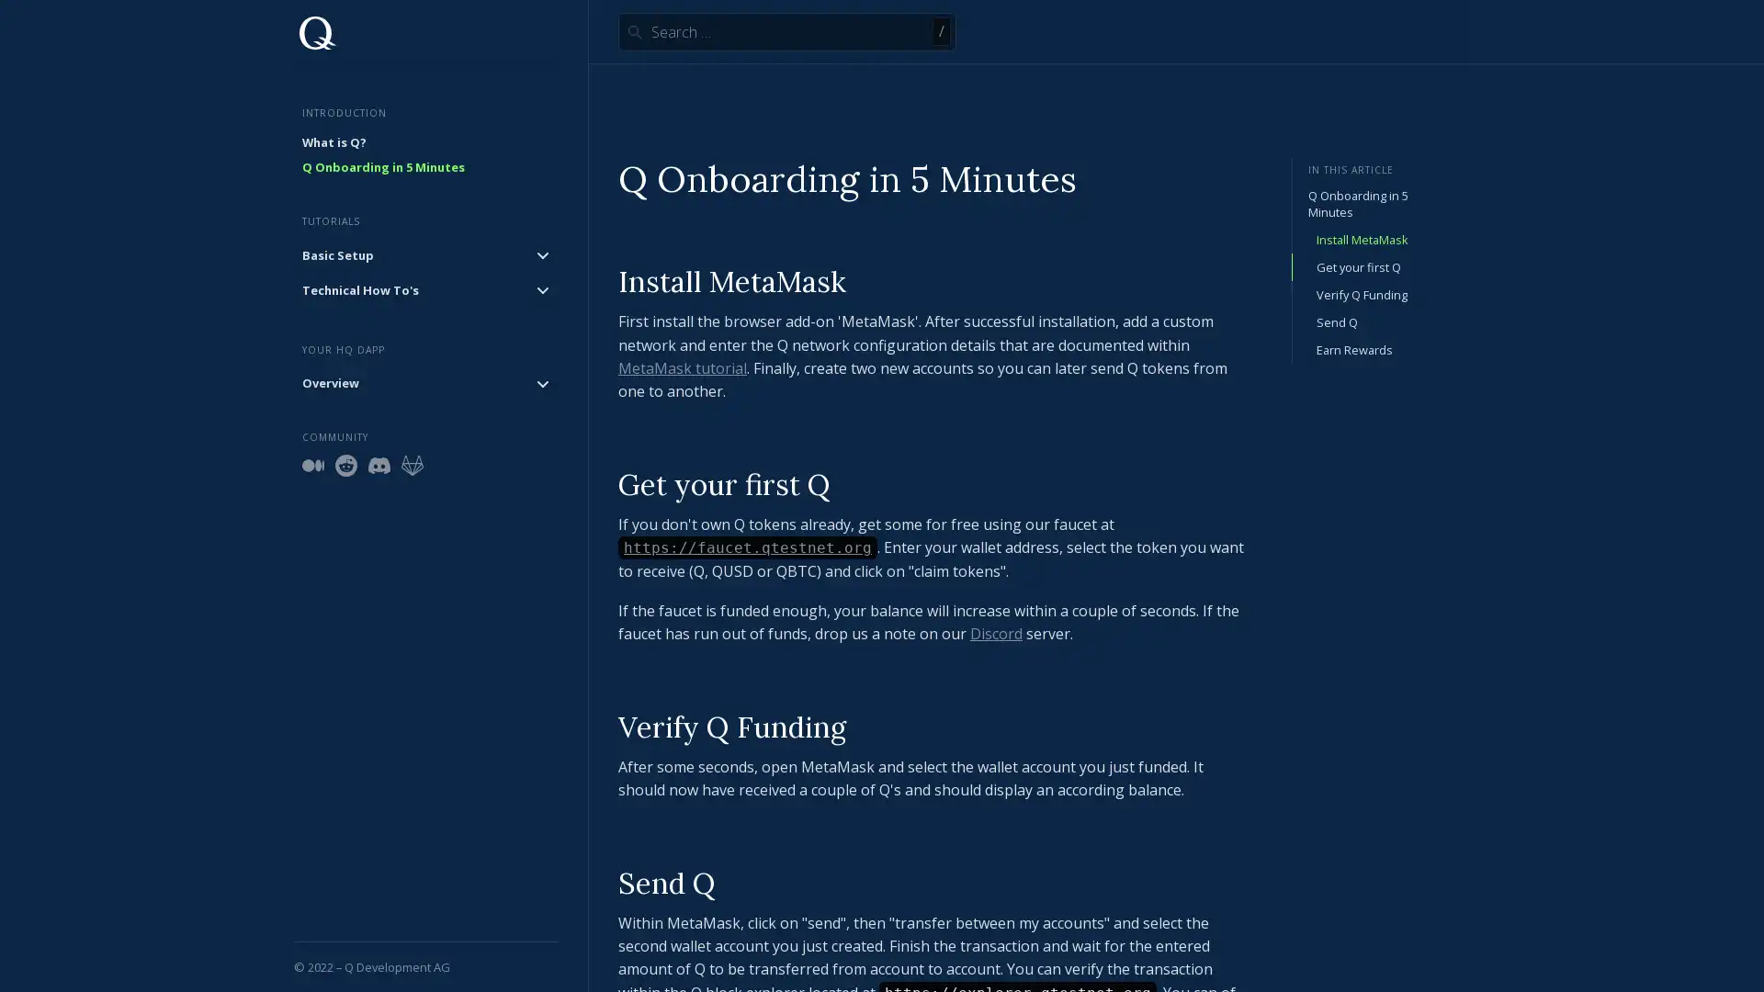 The height and width of the screenshot is (992, 1764). What do you see at coordinates (634, 31) in the screenshot?
I see `Submit` at bounding box center [634, 31].